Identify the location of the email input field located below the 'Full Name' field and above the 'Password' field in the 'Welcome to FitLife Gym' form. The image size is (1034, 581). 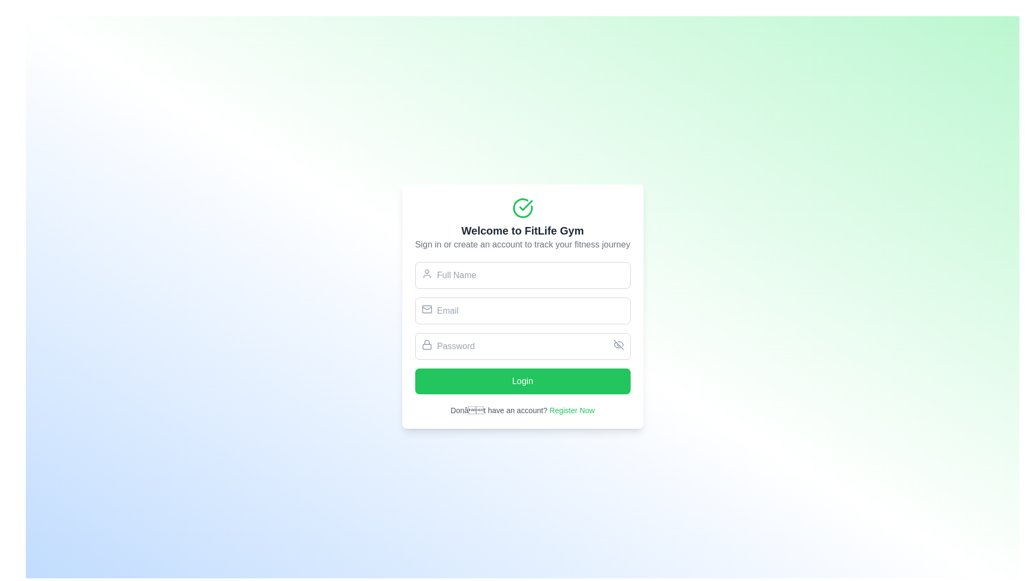
(522, 311).